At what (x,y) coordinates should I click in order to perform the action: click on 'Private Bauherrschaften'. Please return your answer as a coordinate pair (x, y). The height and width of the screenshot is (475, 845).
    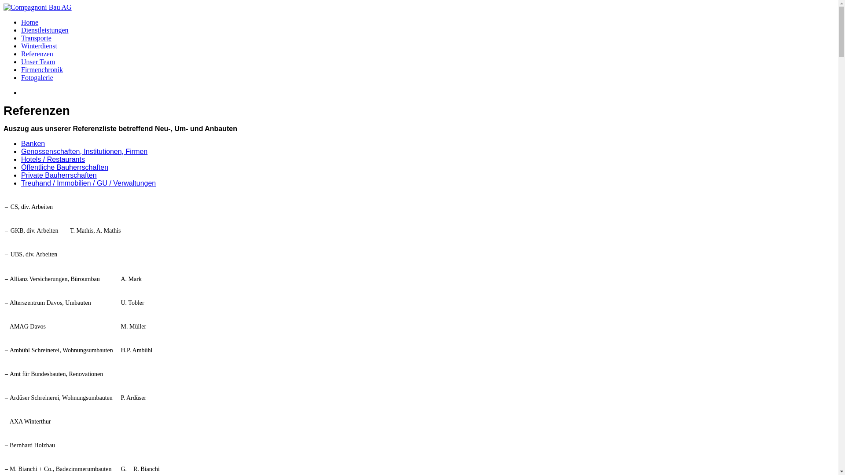
    Looking at the image, I should click on (21, 175).